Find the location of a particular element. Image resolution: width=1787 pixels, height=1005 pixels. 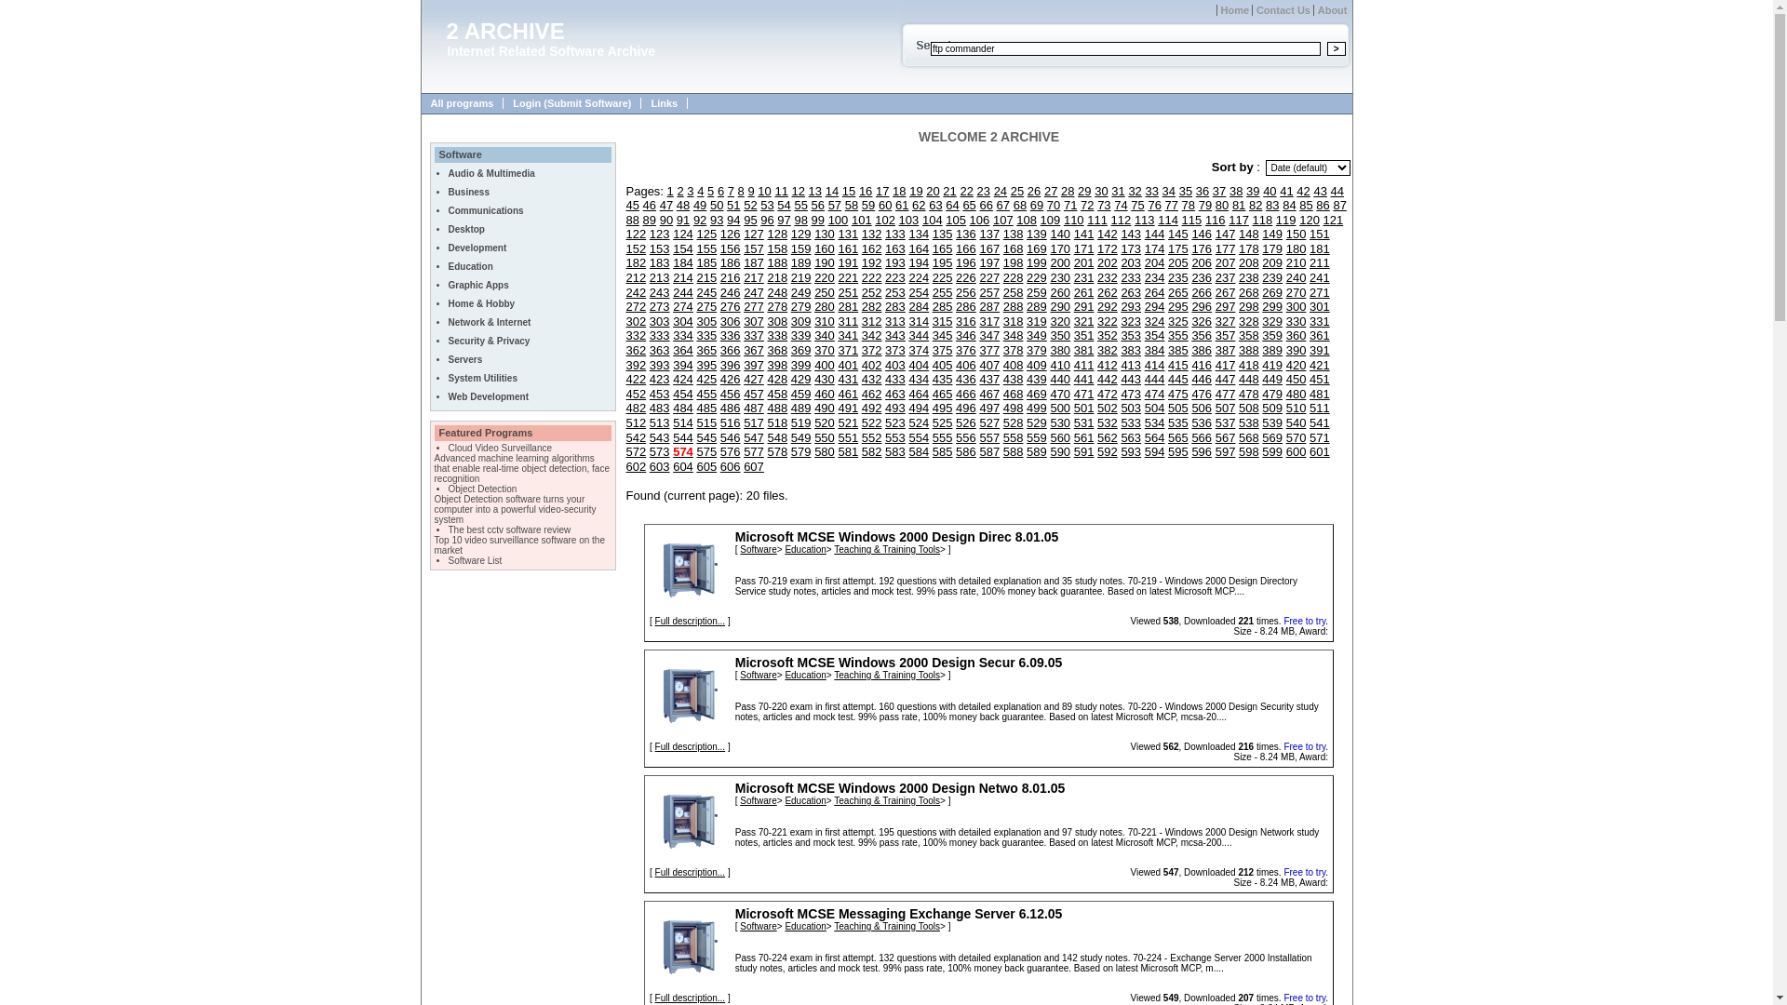

'319' is located at coordinates (1035, 320).